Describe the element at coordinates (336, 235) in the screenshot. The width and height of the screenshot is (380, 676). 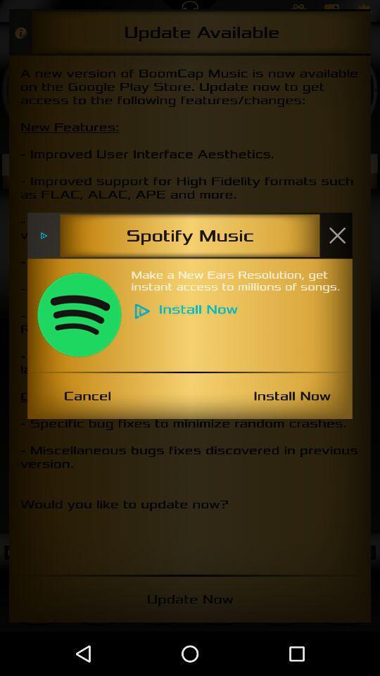
I see `item above make a new icon` at that location.